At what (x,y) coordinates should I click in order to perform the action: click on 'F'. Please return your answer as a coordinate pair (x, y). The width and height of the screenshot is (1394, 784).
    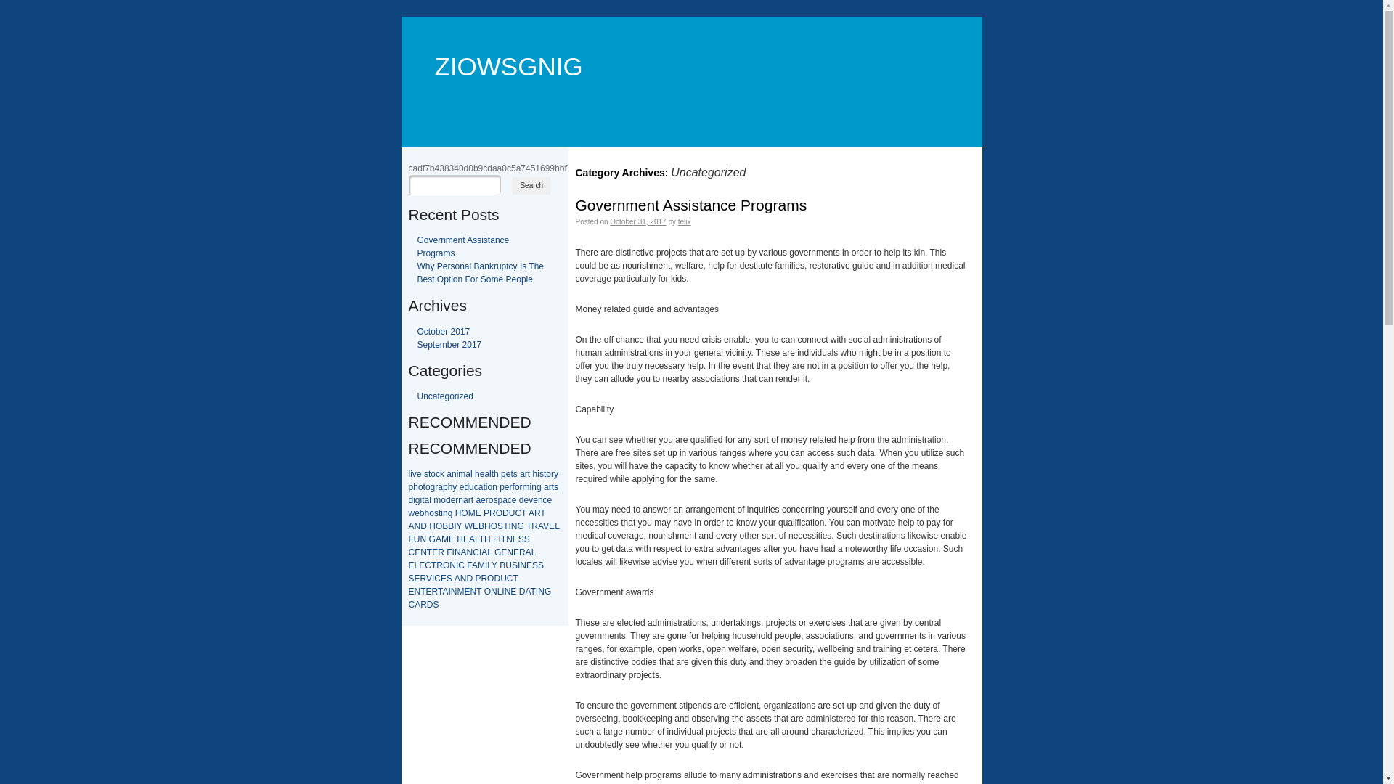
    Looking at the image, I should click on (448, 552).